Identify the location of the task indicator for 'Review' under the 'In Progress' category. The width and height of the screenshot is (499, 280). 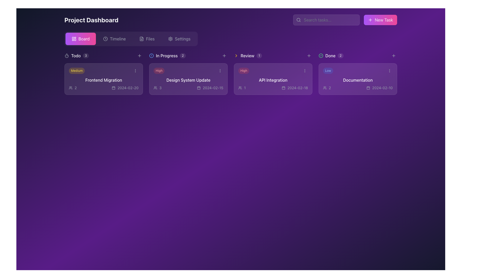
(248, 56).